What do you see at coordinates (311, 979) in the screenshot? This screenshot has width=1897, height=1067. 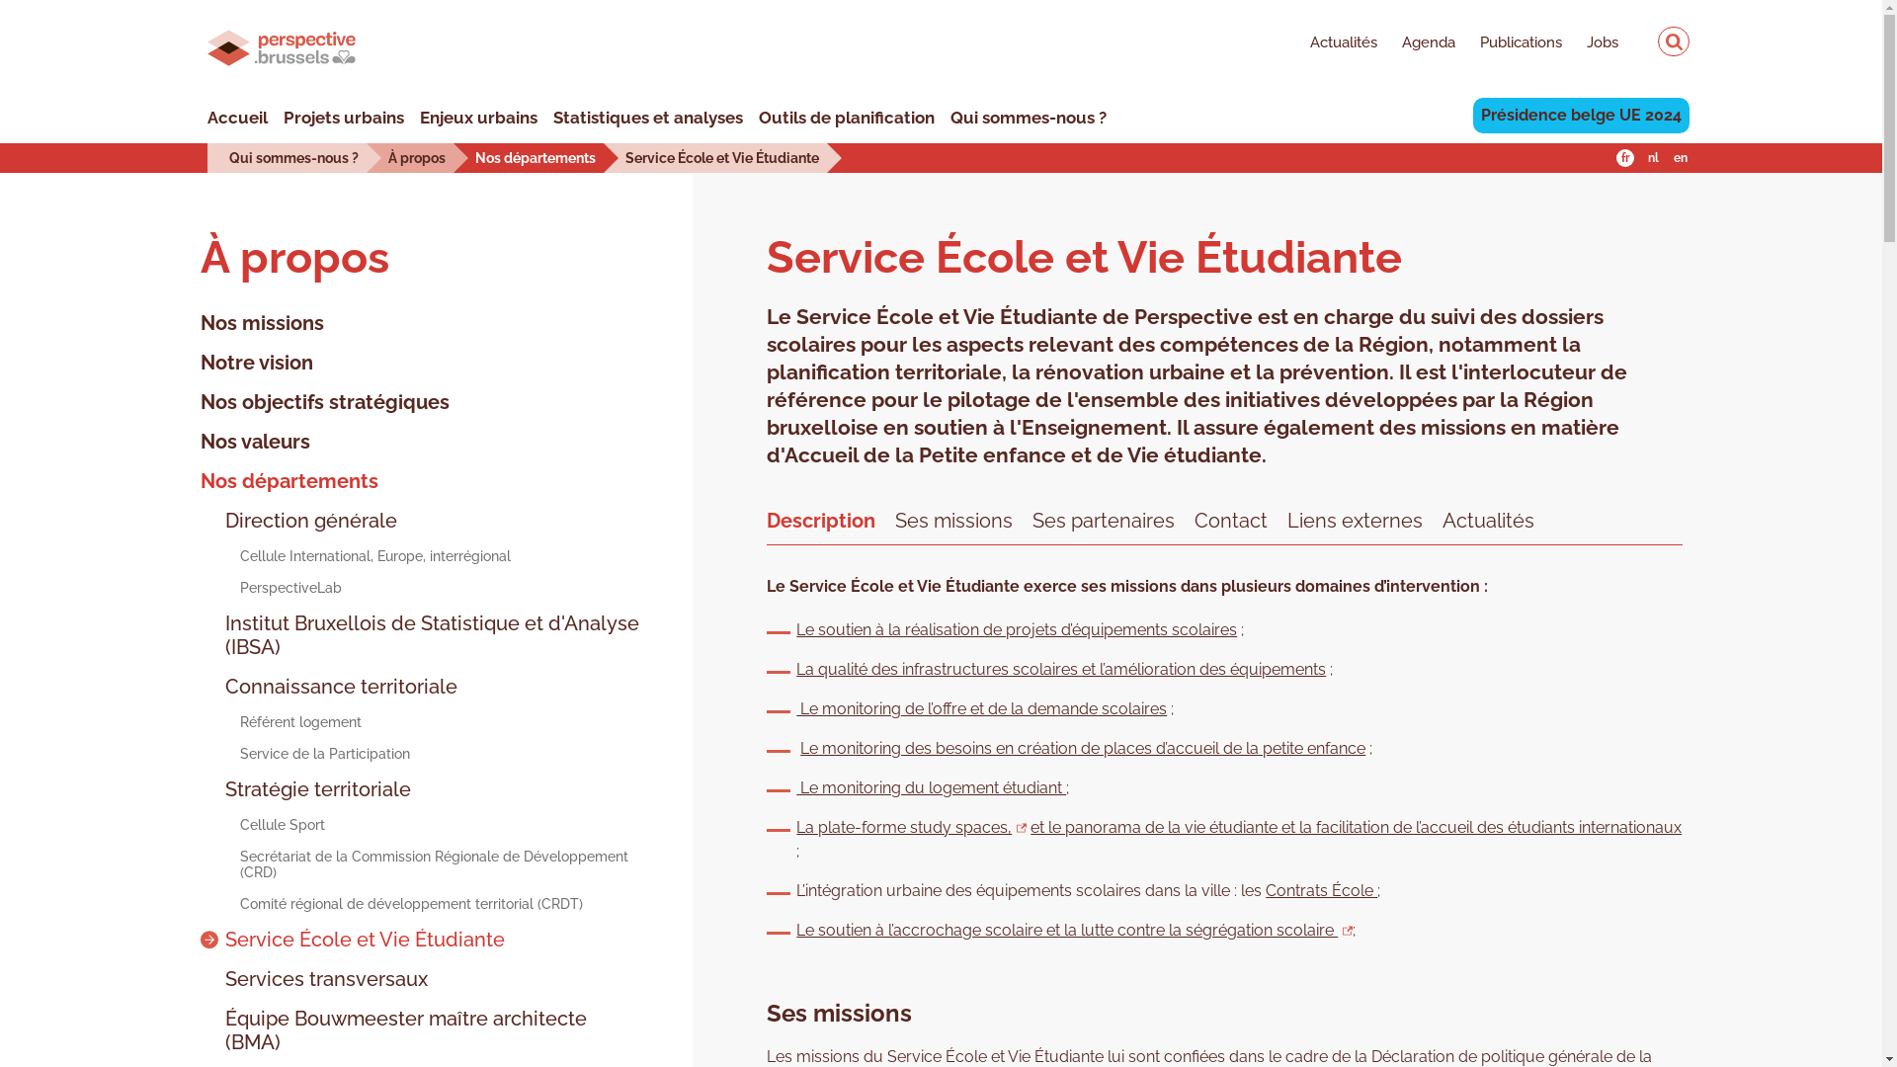 I see `'Services transversaux'` at bounding box center [311, 979].